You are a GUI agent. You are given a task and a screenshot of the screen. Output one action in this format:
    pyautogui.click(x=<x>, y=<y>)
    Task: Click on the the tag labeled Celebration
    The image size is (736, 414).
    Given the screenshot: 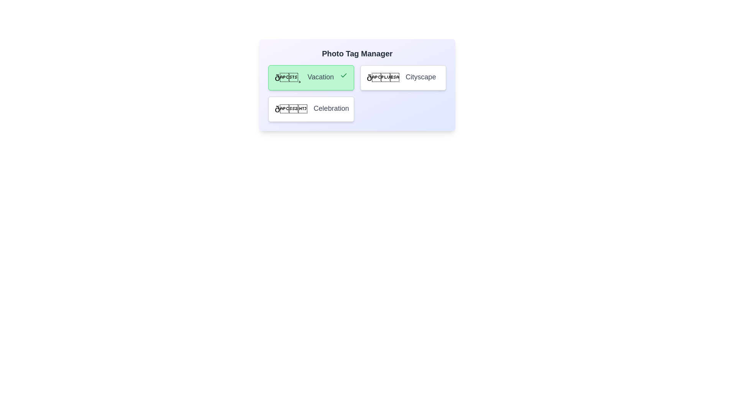 What is the action you would take?
    pyautogui.click(x=311, y=109)
    